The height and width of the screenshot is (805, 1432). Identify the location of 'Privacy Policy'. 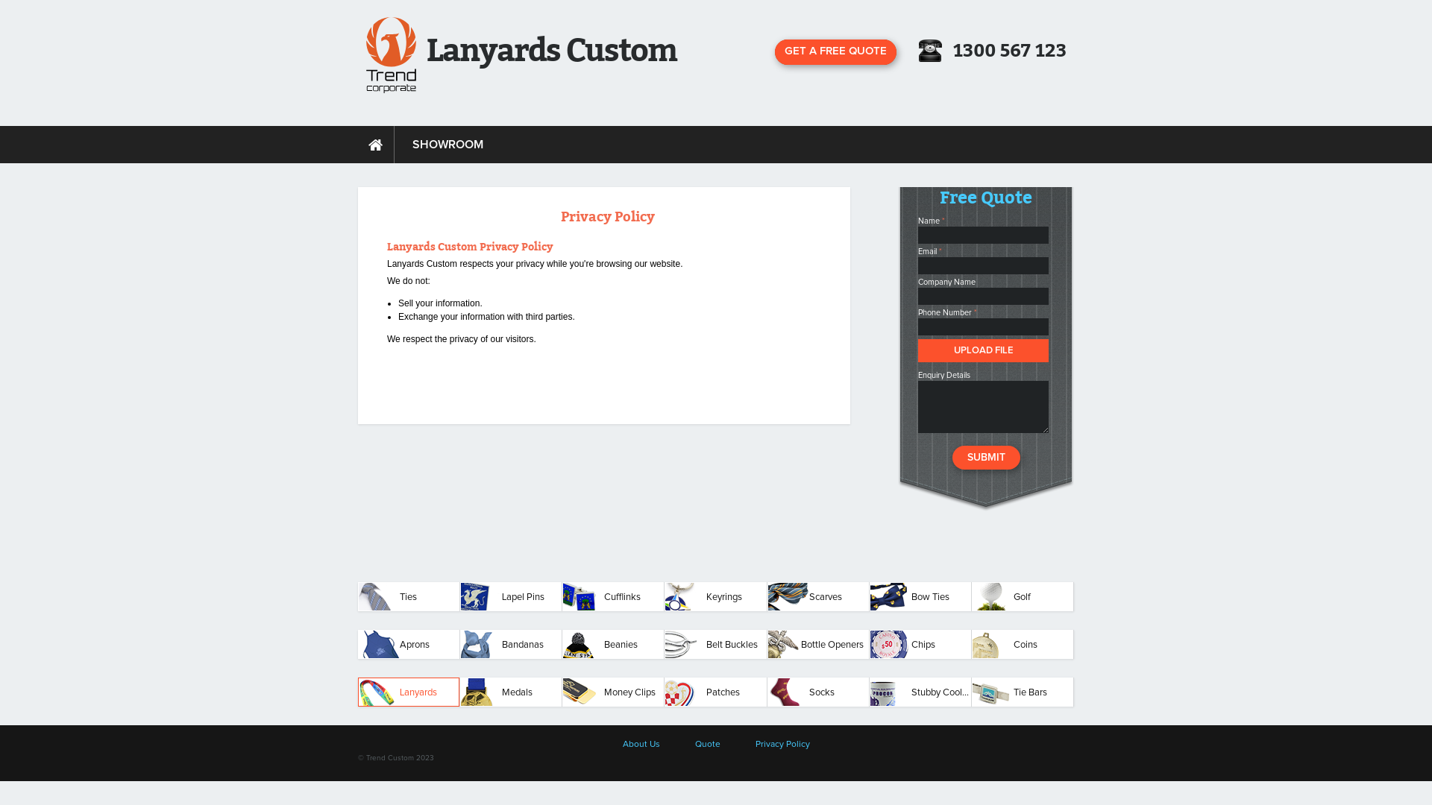
(781, 745).